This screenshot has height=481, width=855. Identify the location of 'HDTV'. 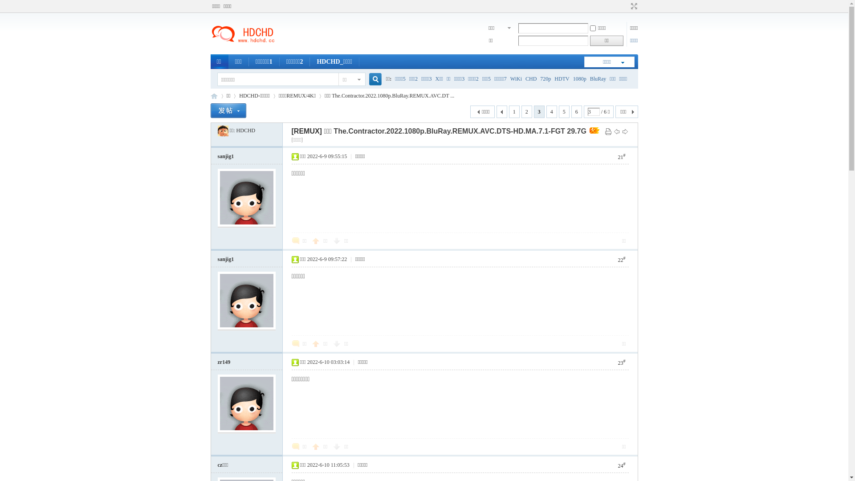
(561, 78).